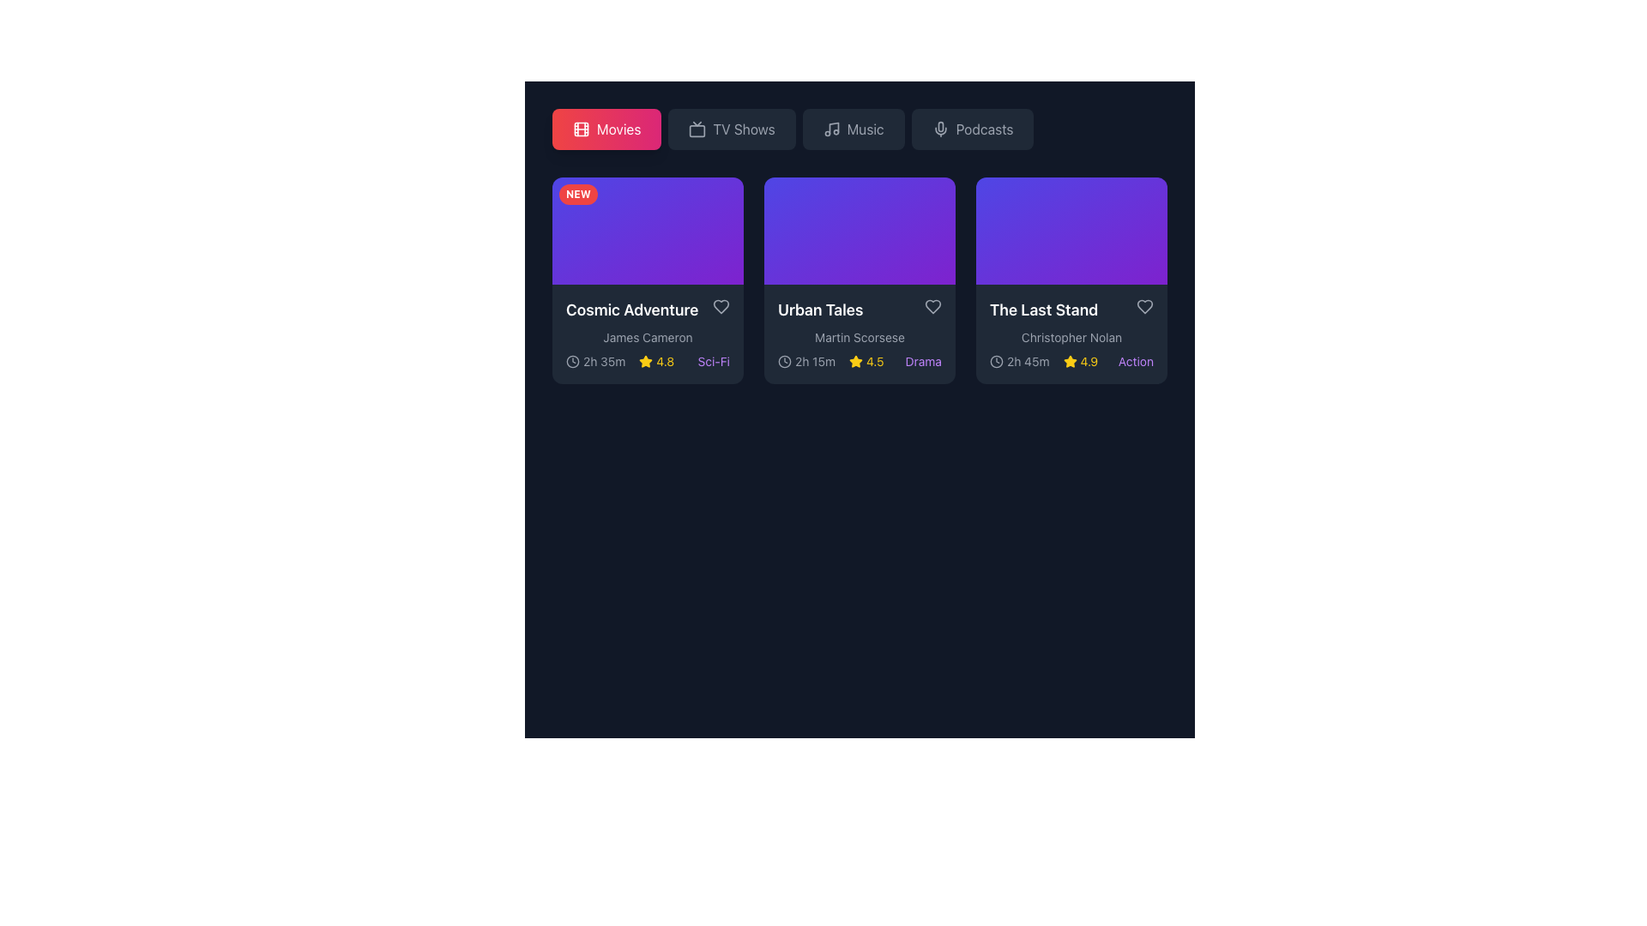 The width and height of the screenshot is (1647, 926). I want to click on the static text label displaying the director's name for the movie 'The Last Stand', located in the lower mid-section of the card under its title, so click(1071, 338).